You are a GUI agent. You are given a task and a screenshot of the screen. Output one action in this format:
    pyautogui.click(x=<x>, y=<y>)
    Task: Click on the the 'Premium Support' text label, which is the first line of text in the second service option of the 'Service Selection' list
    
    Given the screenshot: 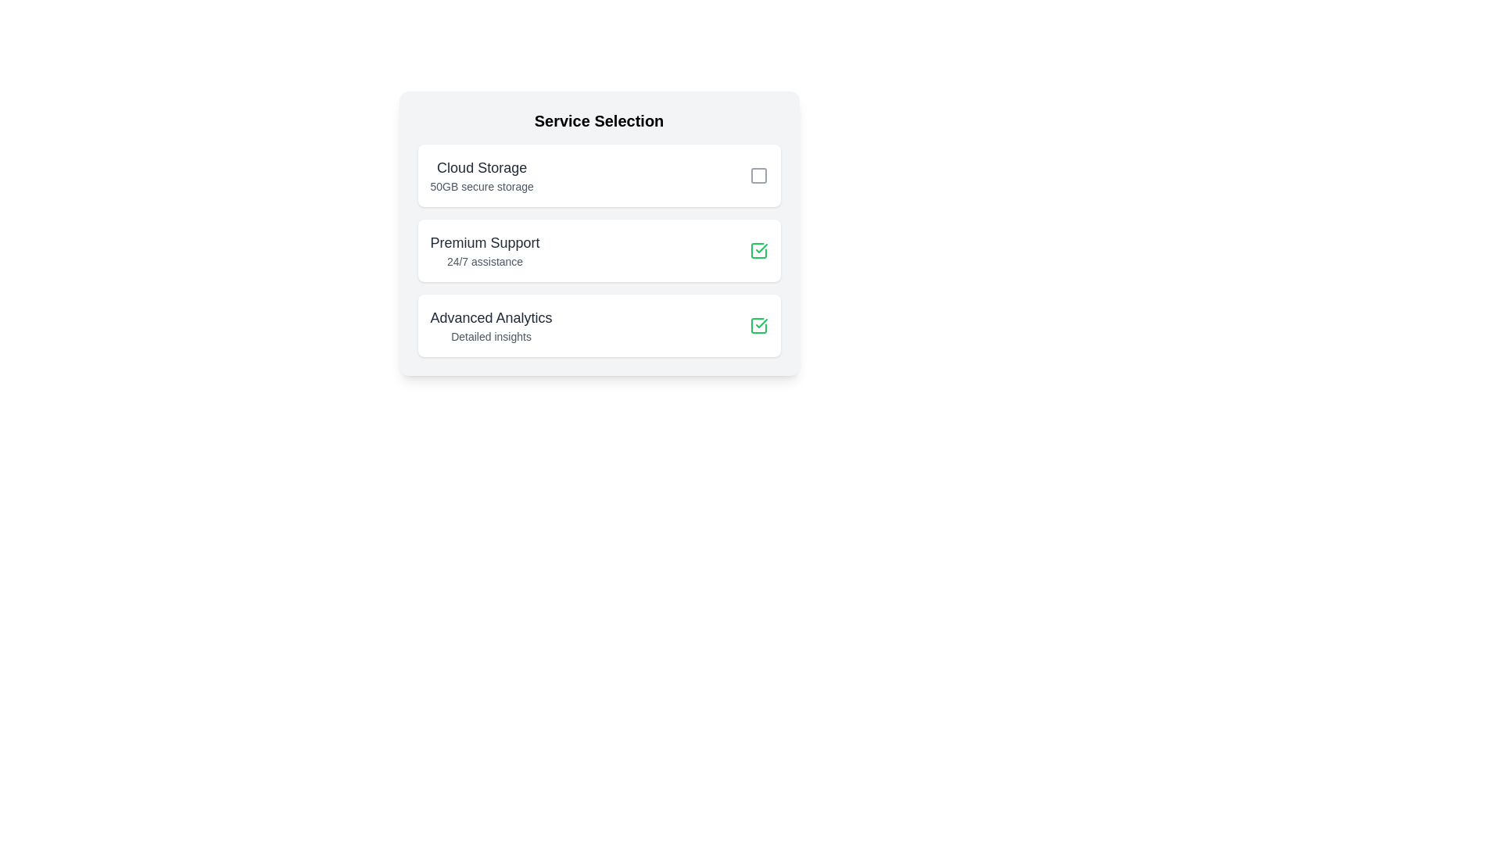 What is the action you would take?
    pyautogui.click(x=484, y=243)
    